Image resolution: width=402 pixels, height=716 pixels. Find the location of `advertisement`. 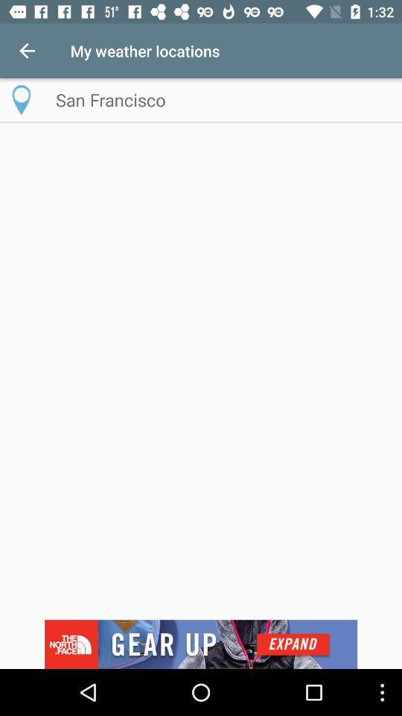

advertisement is located at coordinates (201, 644).